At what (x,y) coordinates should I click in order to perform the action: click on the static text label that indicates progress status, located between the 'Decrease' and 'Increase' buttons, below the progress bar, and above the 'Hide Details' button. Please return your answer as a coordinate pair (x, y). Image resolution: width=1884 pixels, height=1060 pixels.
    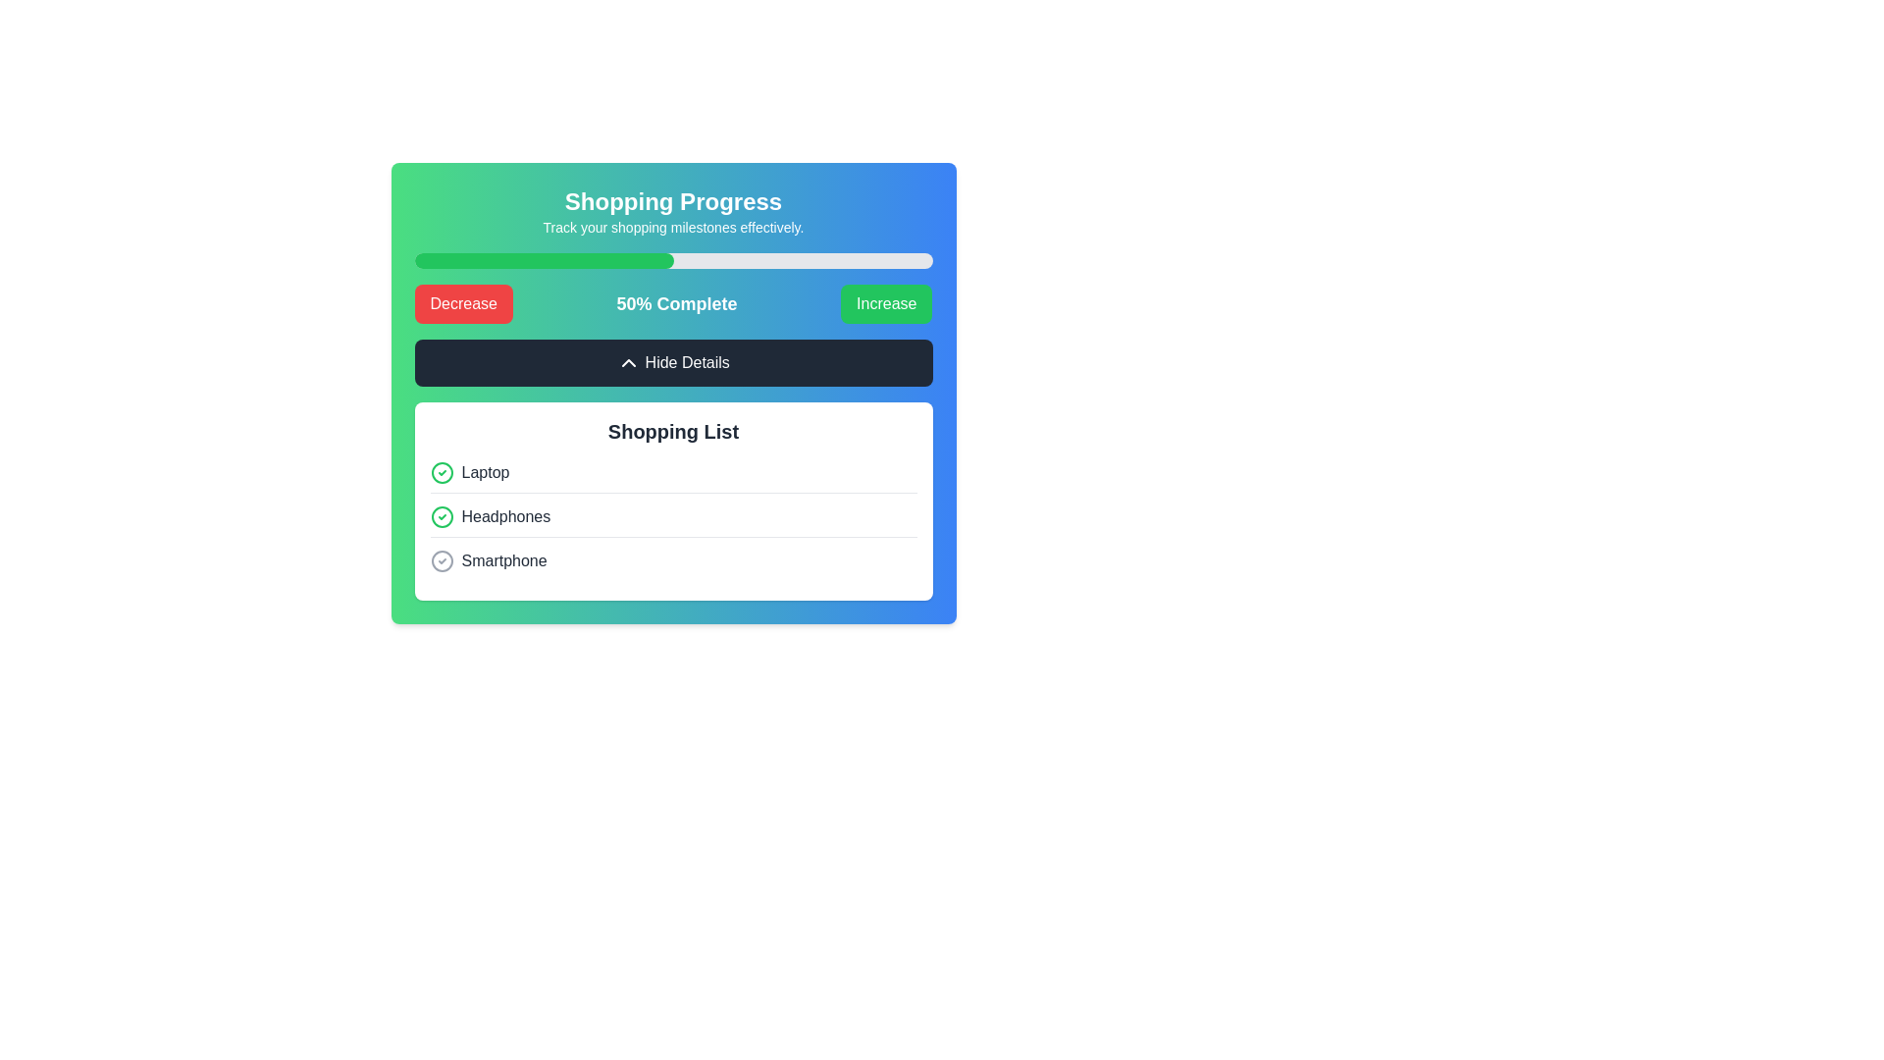
    Looking at the image, I should click on (677, 303).